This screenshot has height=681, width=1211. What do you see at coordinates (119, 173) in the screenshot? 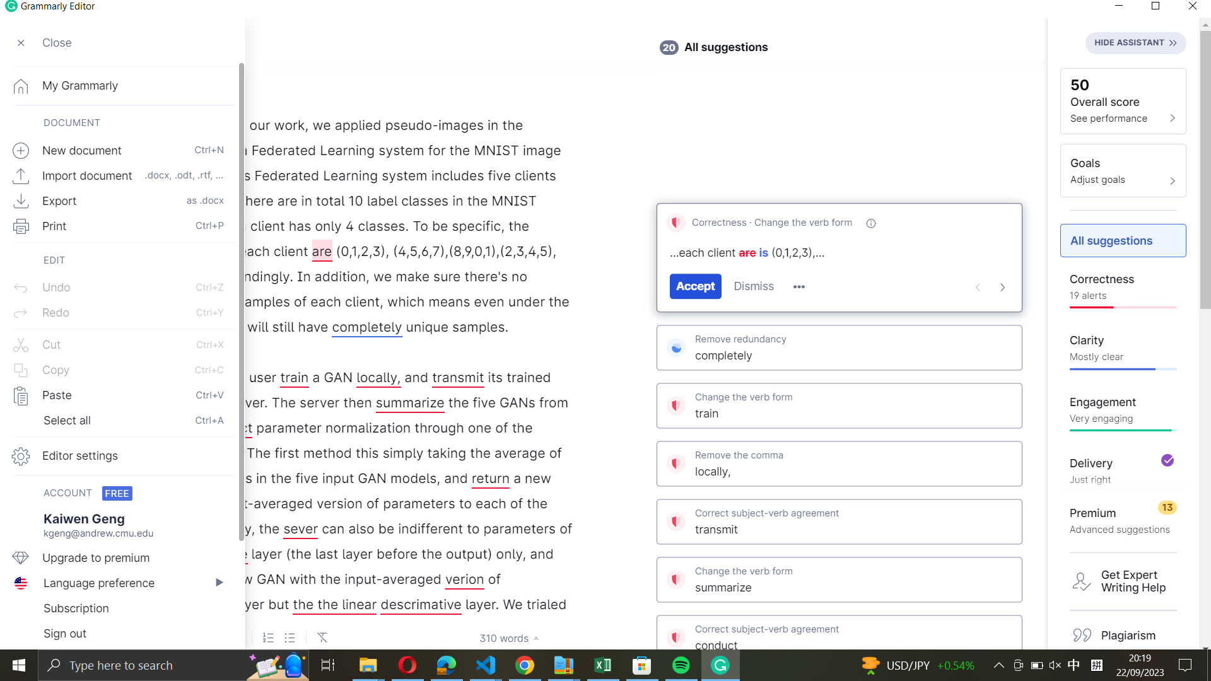
I see `the import button` at bounding box center [119, 173].